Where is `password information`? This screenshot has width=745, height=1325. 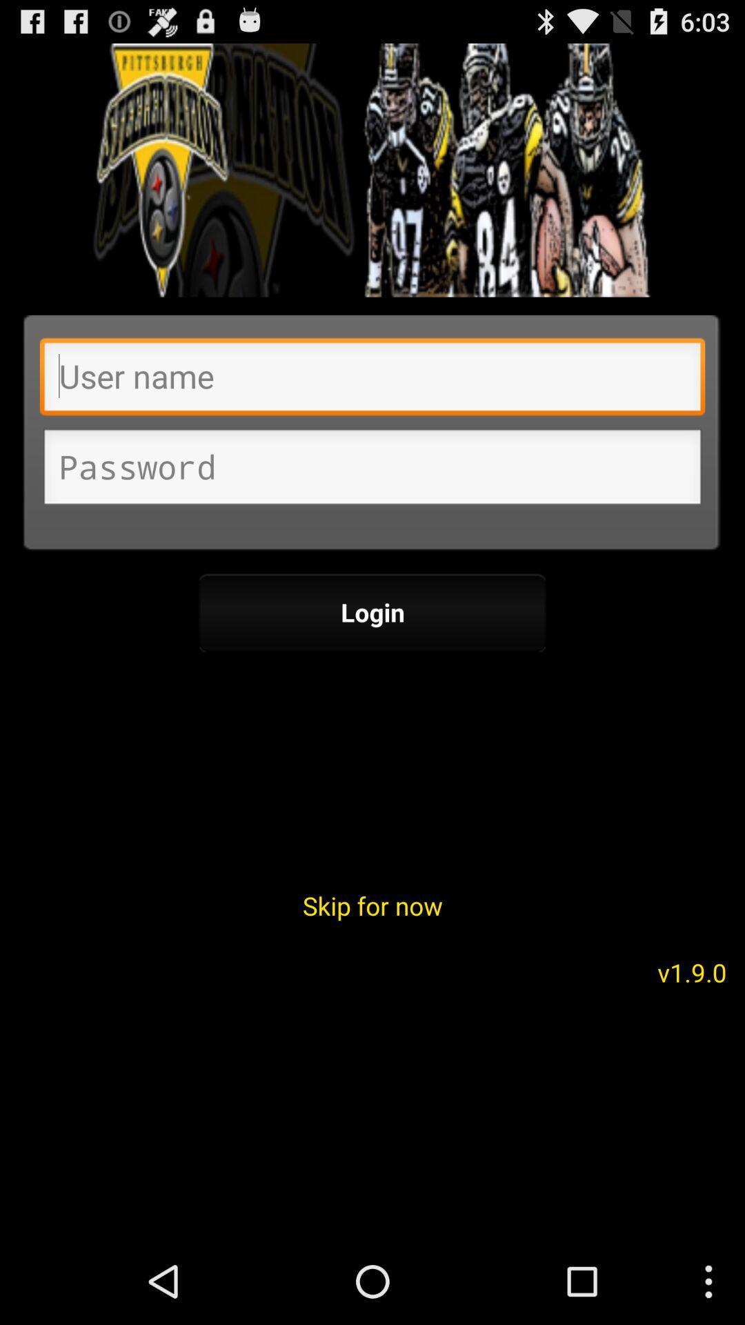 password information is located at coordinates (372, 471).